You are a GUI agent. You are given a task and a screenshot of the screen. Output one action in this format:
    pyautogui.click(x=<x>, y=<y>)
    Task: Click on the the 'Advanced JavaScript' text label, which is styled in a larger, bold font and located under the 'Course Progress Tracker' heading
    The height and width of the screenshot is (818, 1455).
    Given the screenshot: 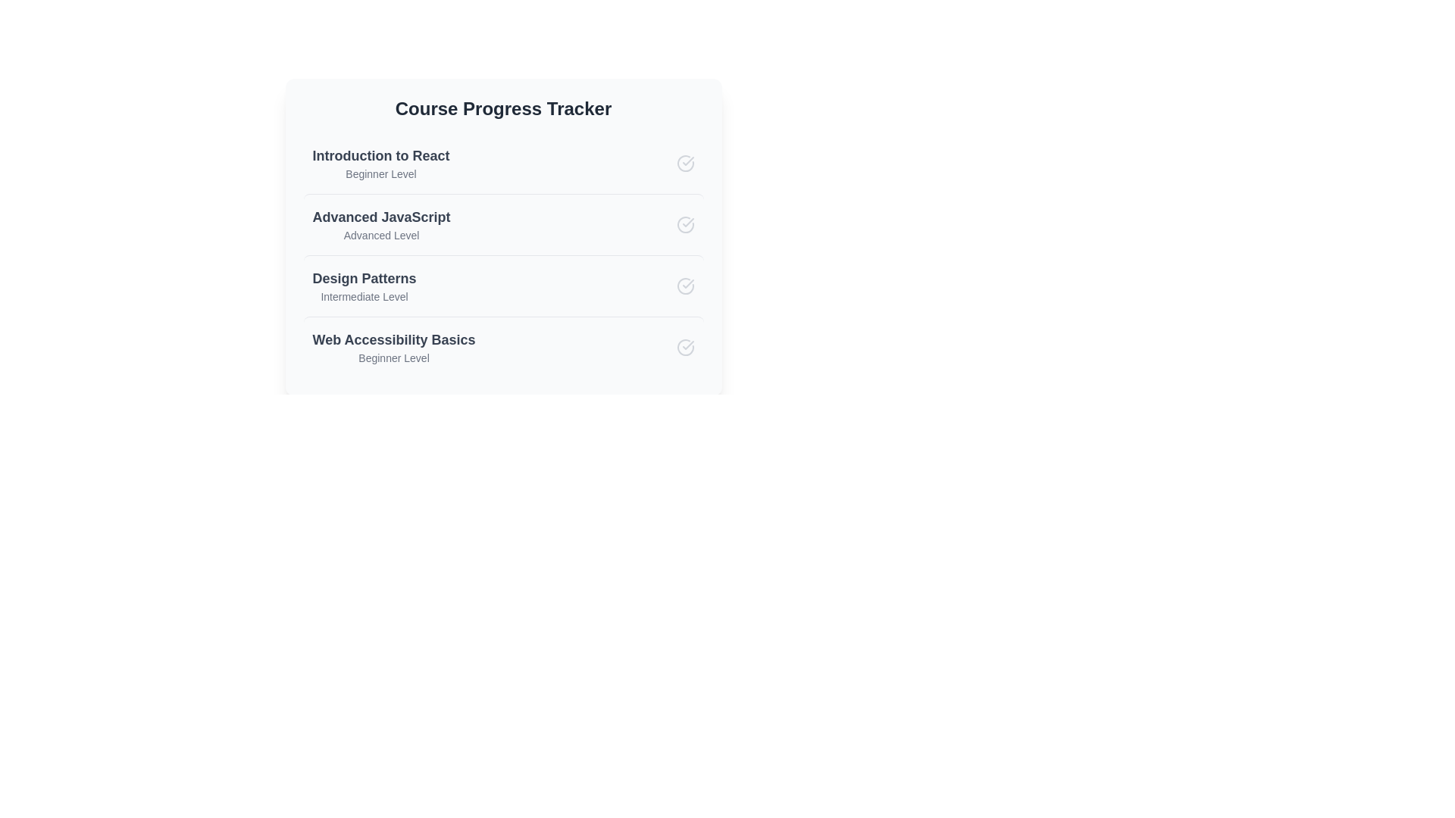 What is the action you would take?
    pyautogui.click(x=381, y=217)
    